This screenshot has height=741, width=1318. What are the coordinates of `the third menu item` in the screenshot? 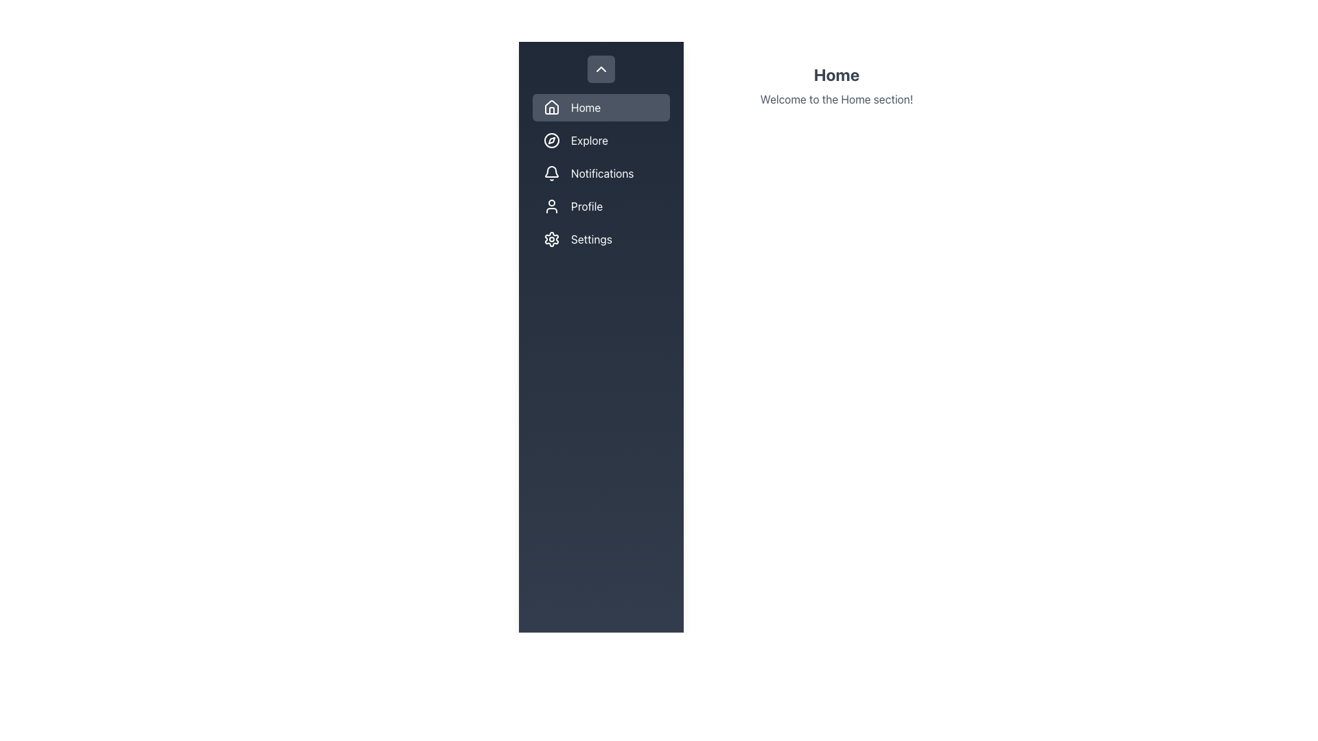 It's located at (601, 173).